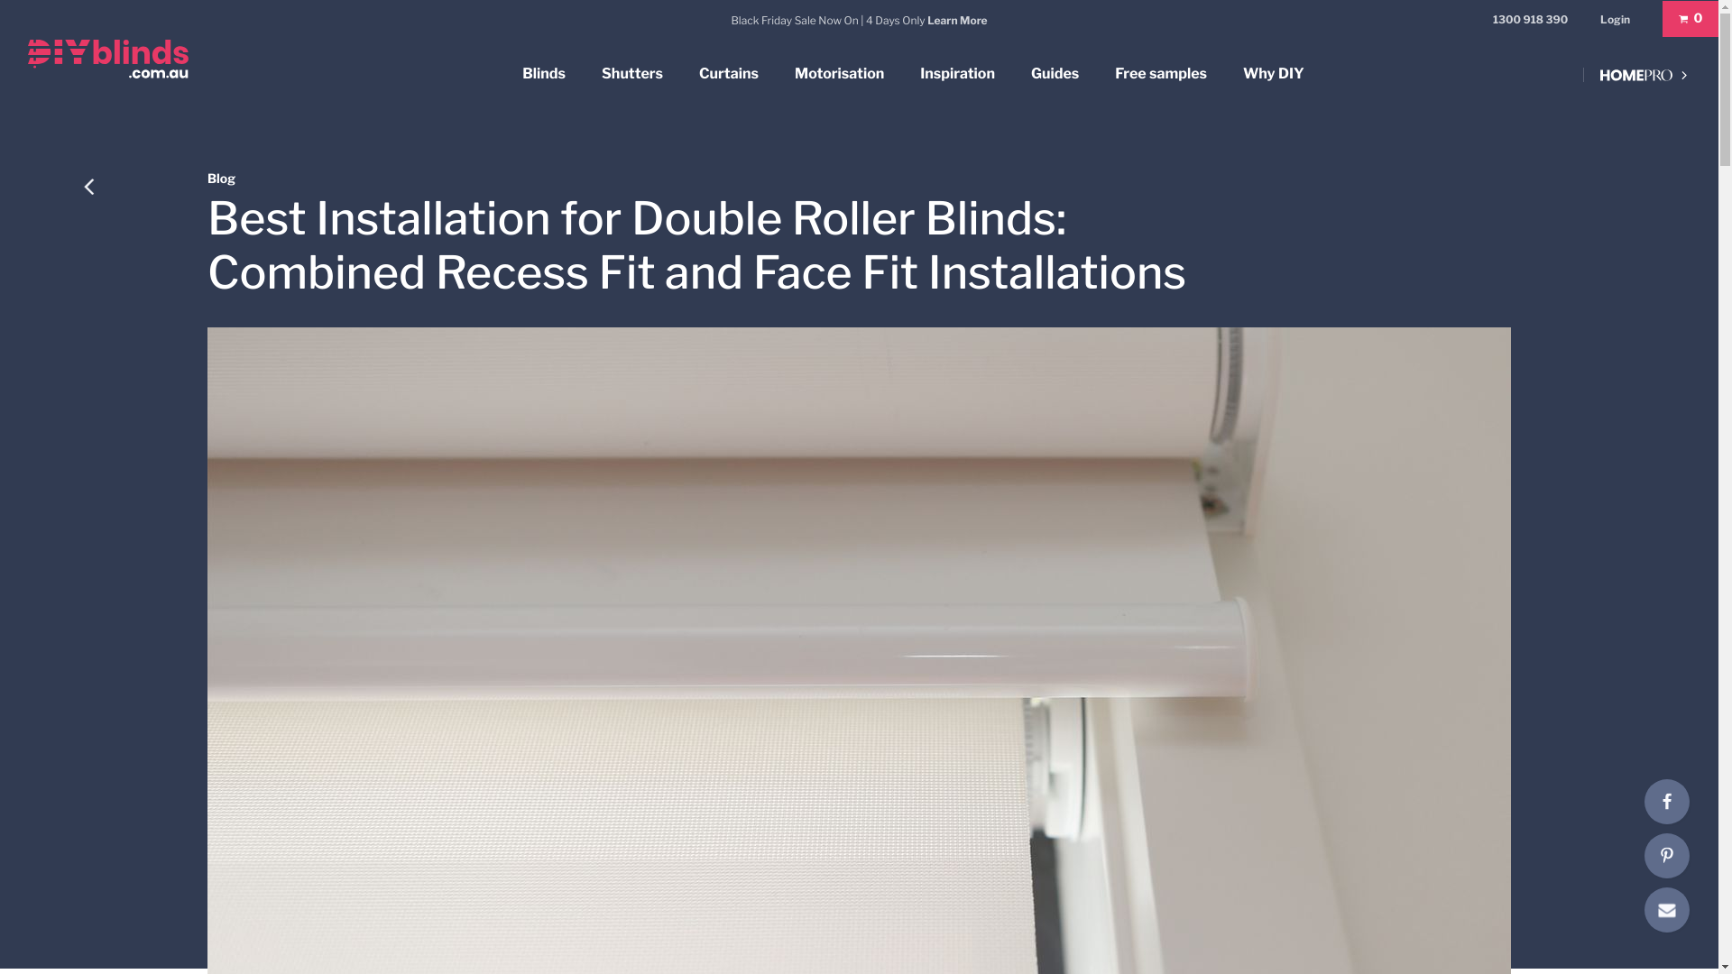  I want to click on '1300 918 390', so click(1529, 19).